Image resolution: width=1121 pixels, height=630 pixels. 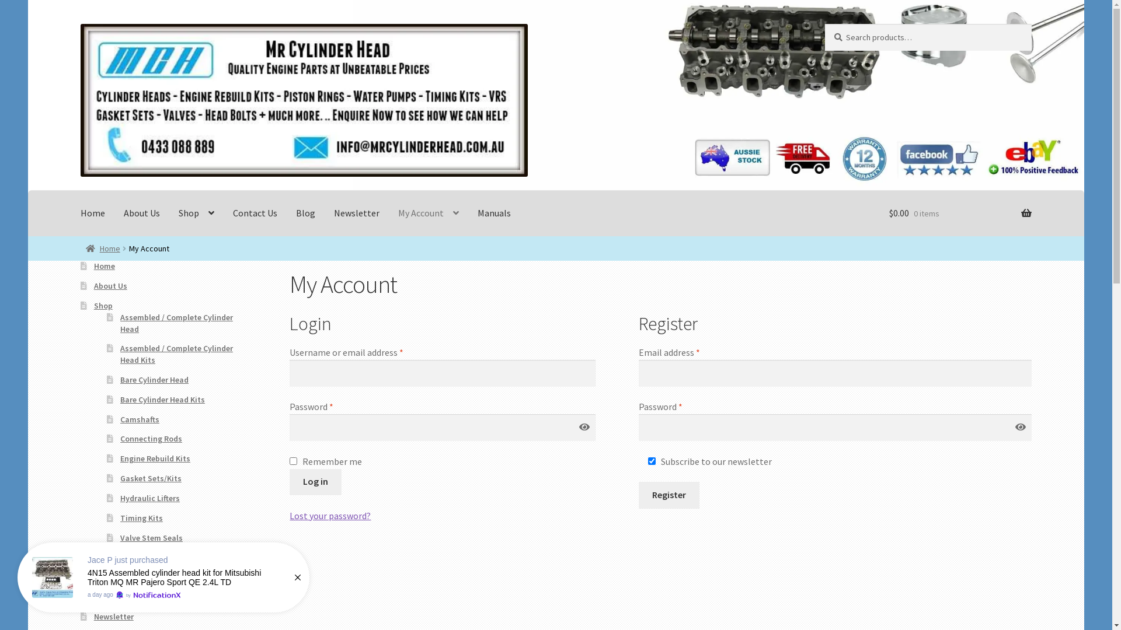 What do you see at coordinates (79, 23) in the screenshot?
I see `'Skip to navigation'` at bounding box center [79, 23].